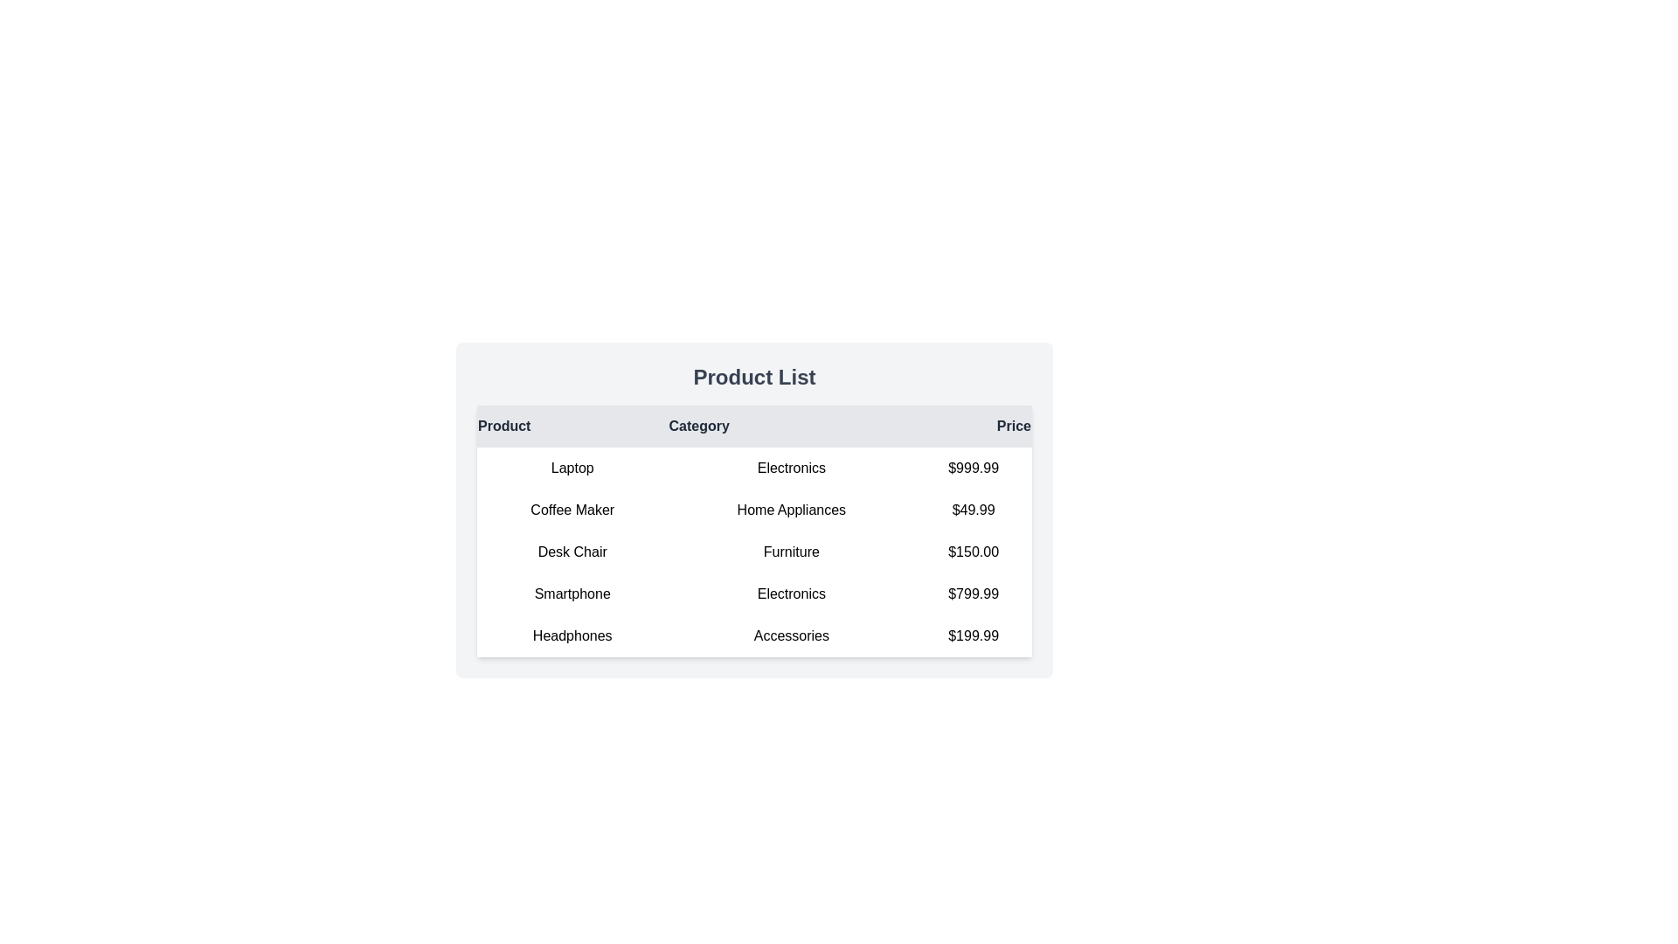  I want to click on the second row of the product list table displaying 'Coffee Maker', 'Home Appliances', and '$49.99', so click(754, 510).